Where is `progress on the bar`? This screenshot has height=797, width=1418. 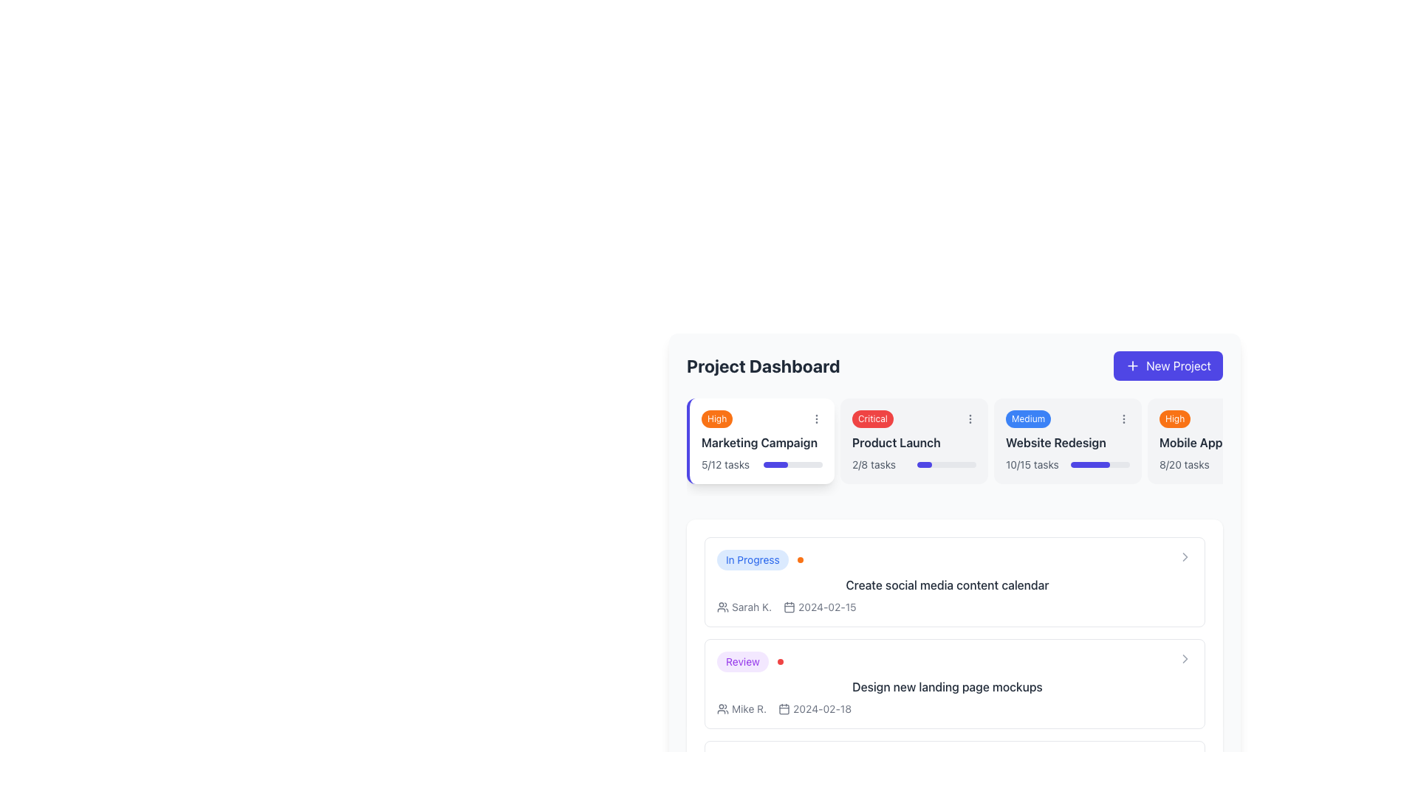
progress on the bar is located at coordinates (775, 463).